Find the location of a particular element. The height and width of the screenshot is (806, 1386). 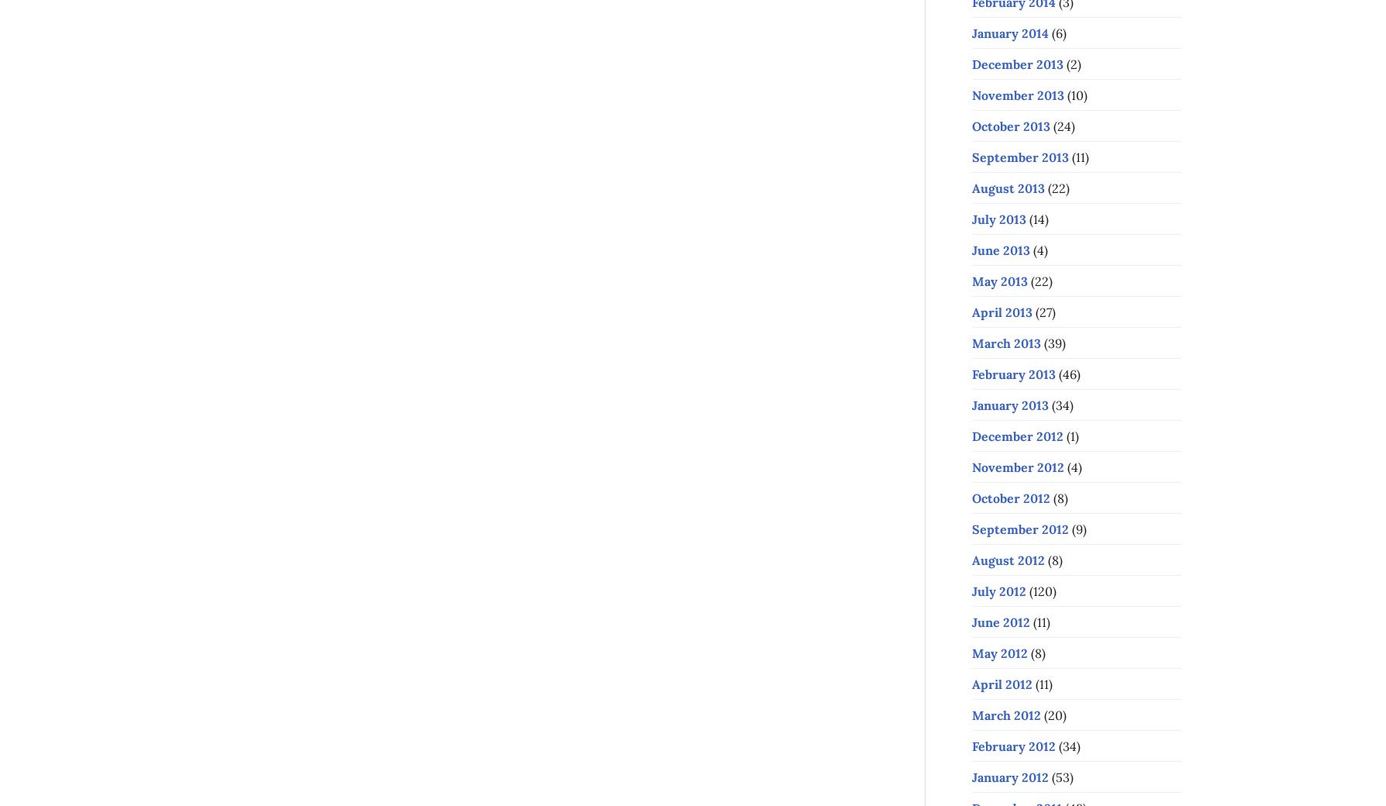

'(24)' is located at coordinates (1050, 126).